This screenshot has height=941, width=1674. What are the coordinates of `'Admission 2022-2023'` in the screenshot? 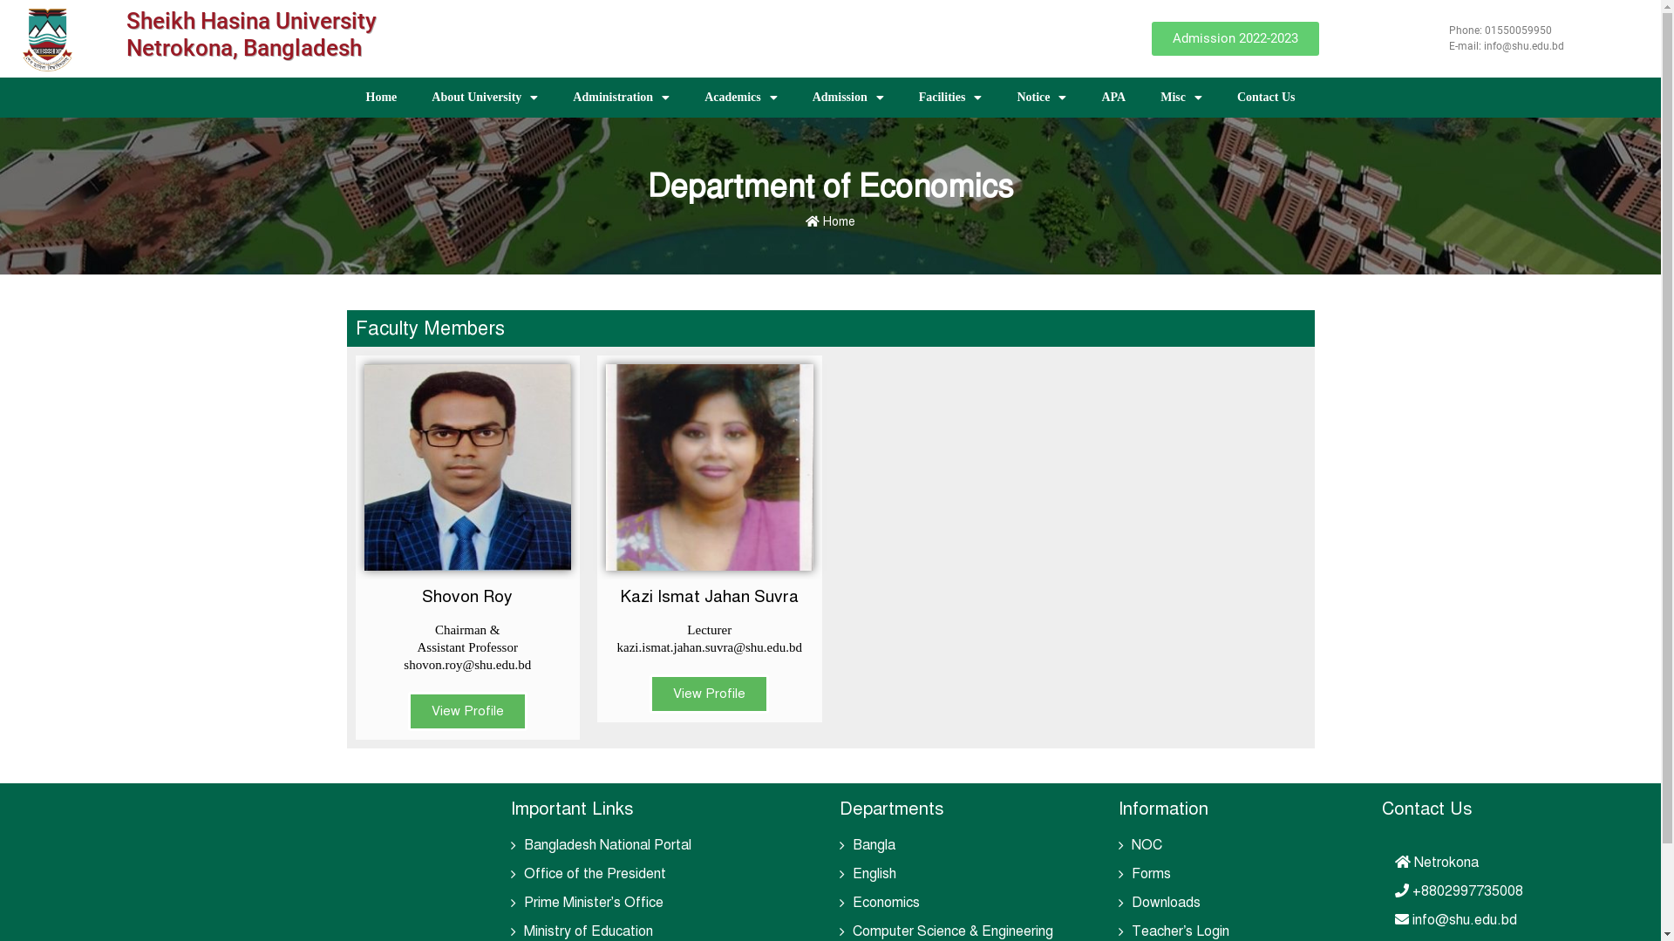 It's located at (1234, 38).